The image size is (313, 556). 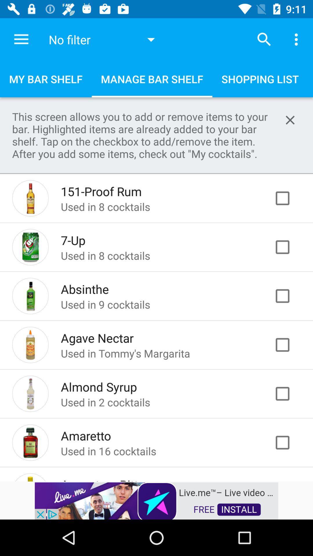 I want to click on check box to select almond syrup, so click(x=288, y=394).